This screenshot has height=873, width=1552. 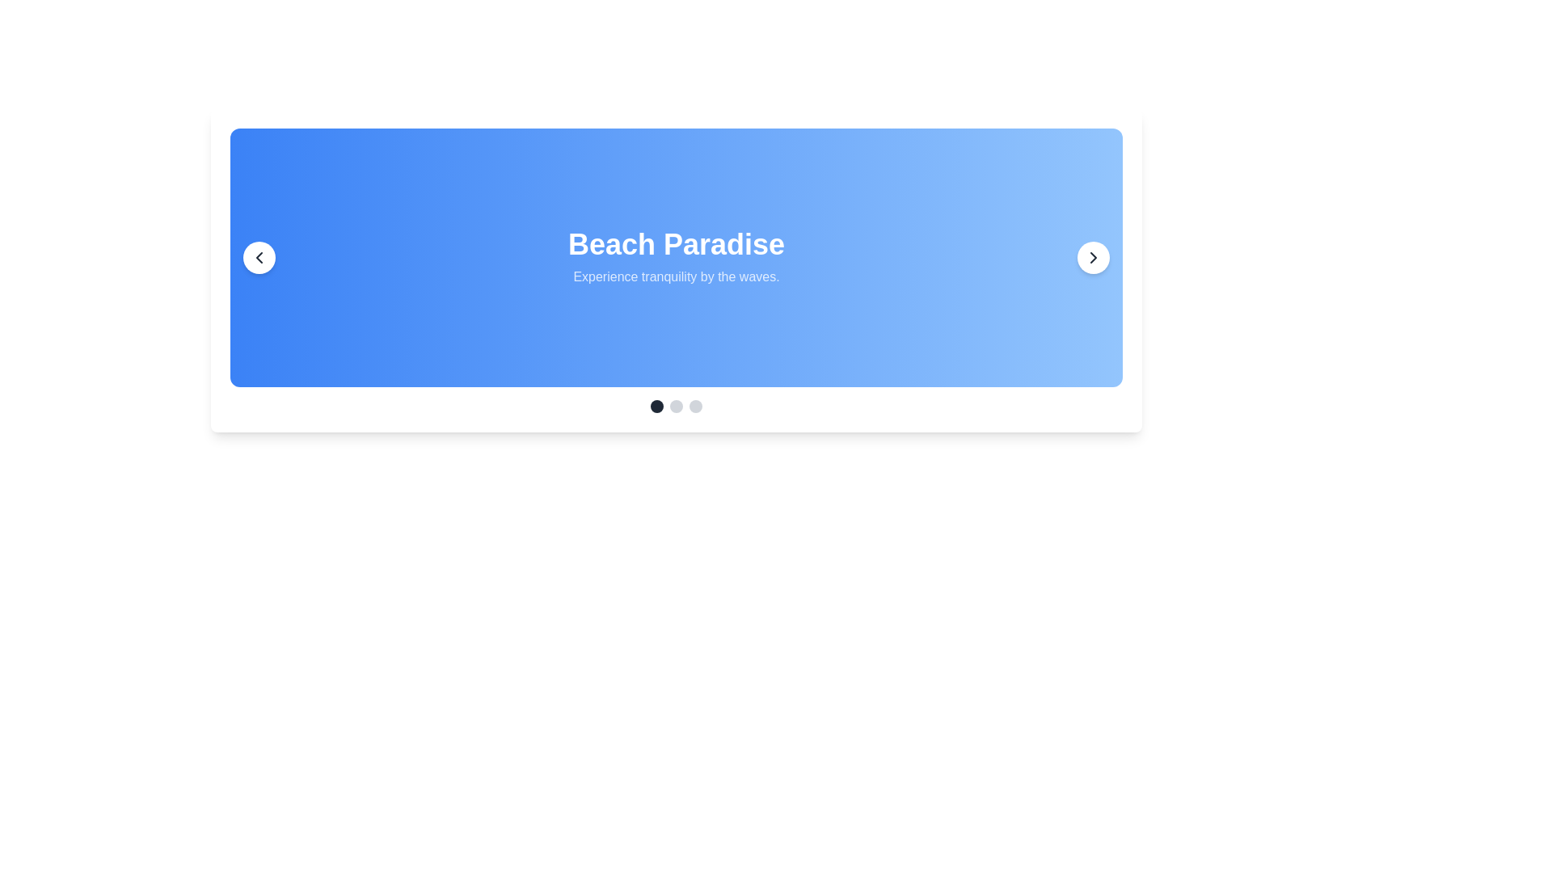 What do you see at coordinates (676, 405) in the screenshot?
I see `the second circular button in the navigation group, which is light-gray and indicates an inactive state` at bounding box center [676, 405].